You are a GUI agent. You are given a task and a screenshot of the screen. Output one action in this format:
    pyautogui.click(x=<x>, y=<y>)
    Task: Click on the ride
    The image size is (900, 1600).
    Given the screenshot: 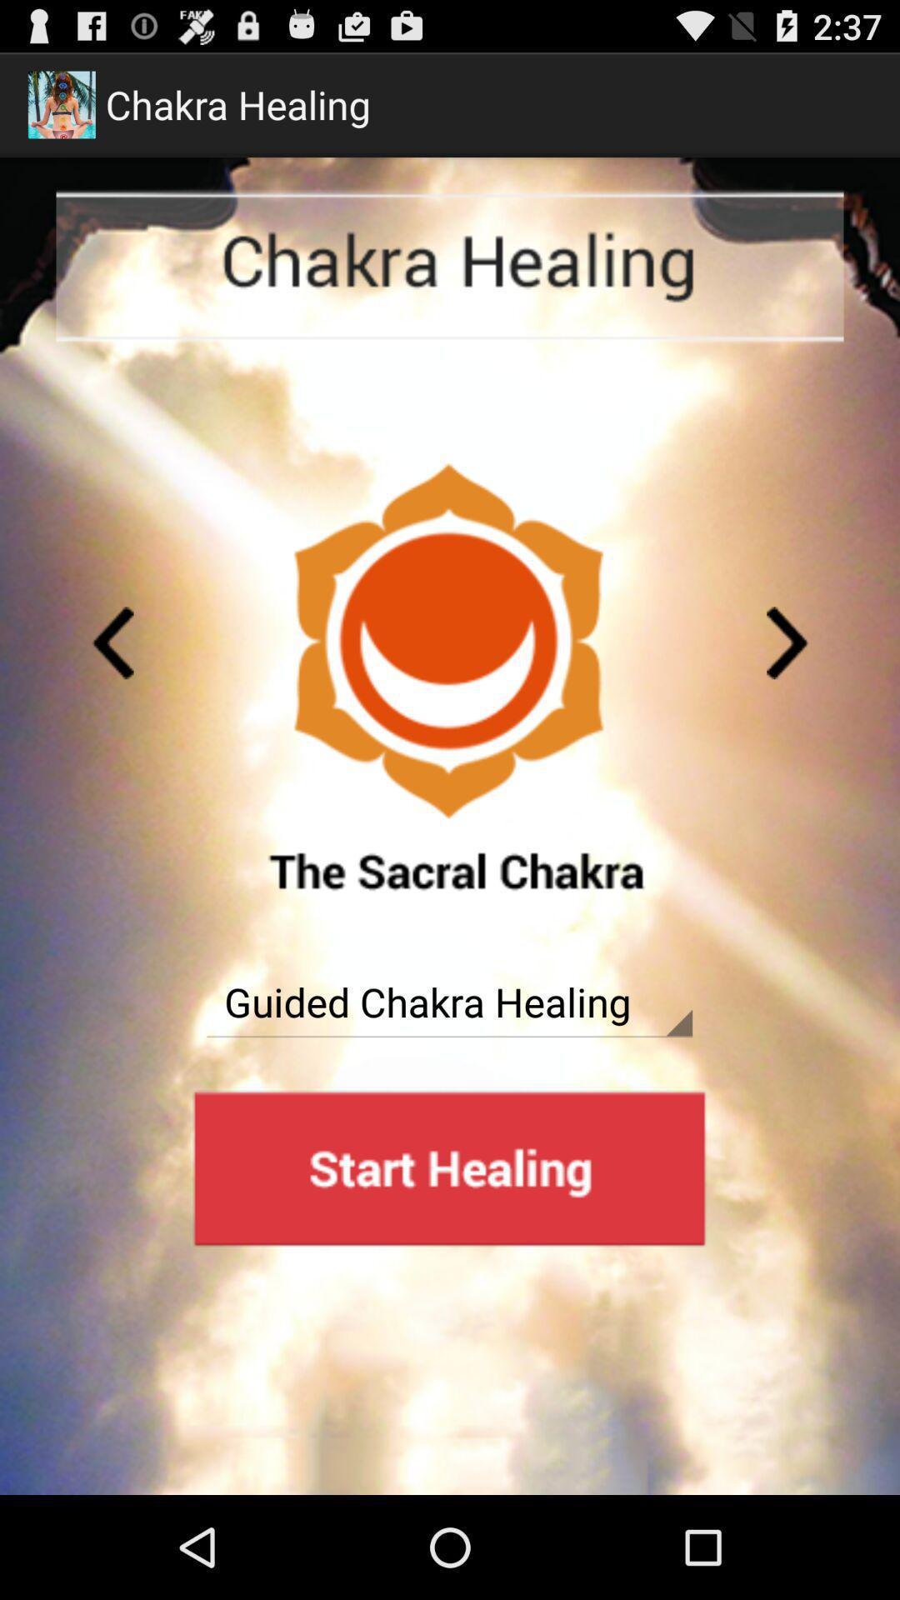 What is the action you would take?
    pyautogui.click(x=112, y=642)
    